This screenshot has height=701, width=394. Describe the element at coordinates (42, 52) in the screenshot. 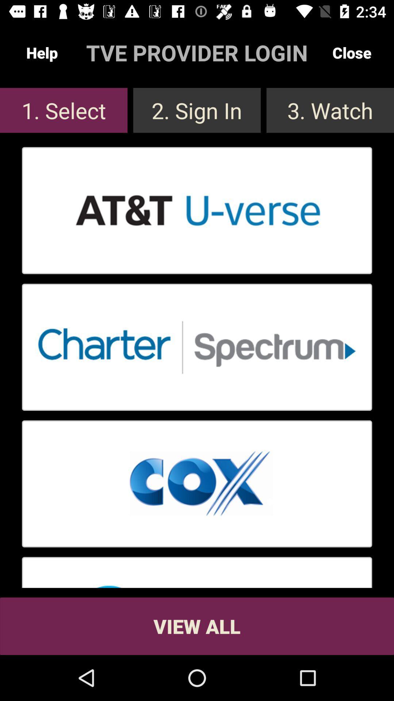

I see `the item above the 1. select app` at that location.